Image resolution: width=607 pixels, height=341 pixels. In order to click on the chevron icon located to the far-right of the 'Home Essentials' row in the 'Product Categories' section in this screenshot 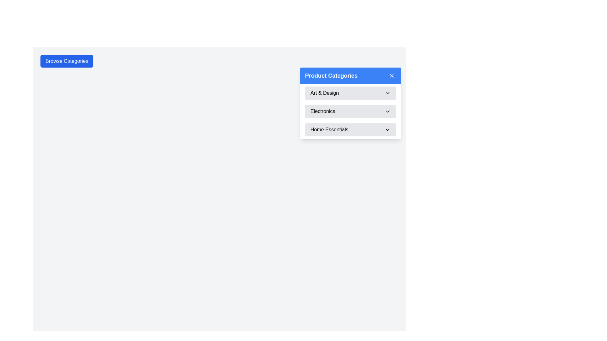, I will do `click(387, 129)`.